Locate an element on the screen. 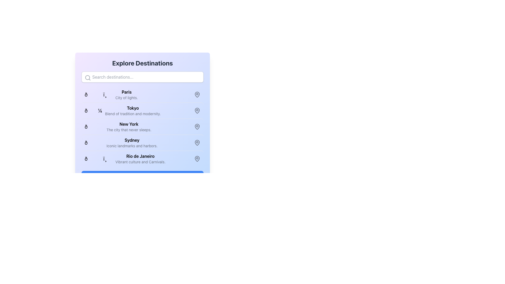 This screenshot has height=284, width=505. text label displaying 'City of lights.' which is located directly below the title 'Paris' in muted gray color is located at coordinates (127, 98).